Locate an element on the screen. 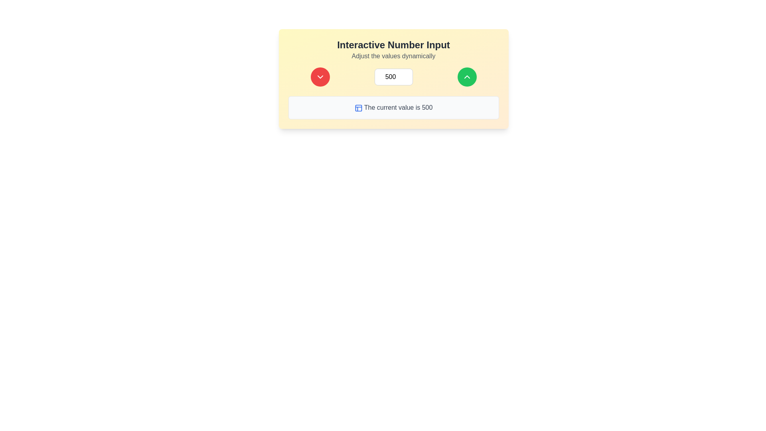  the numeric input field that allows users to adjust a value dynamically, which has a white background and a border, with the default value displayed as '500' is located at coordinates (393, 79).